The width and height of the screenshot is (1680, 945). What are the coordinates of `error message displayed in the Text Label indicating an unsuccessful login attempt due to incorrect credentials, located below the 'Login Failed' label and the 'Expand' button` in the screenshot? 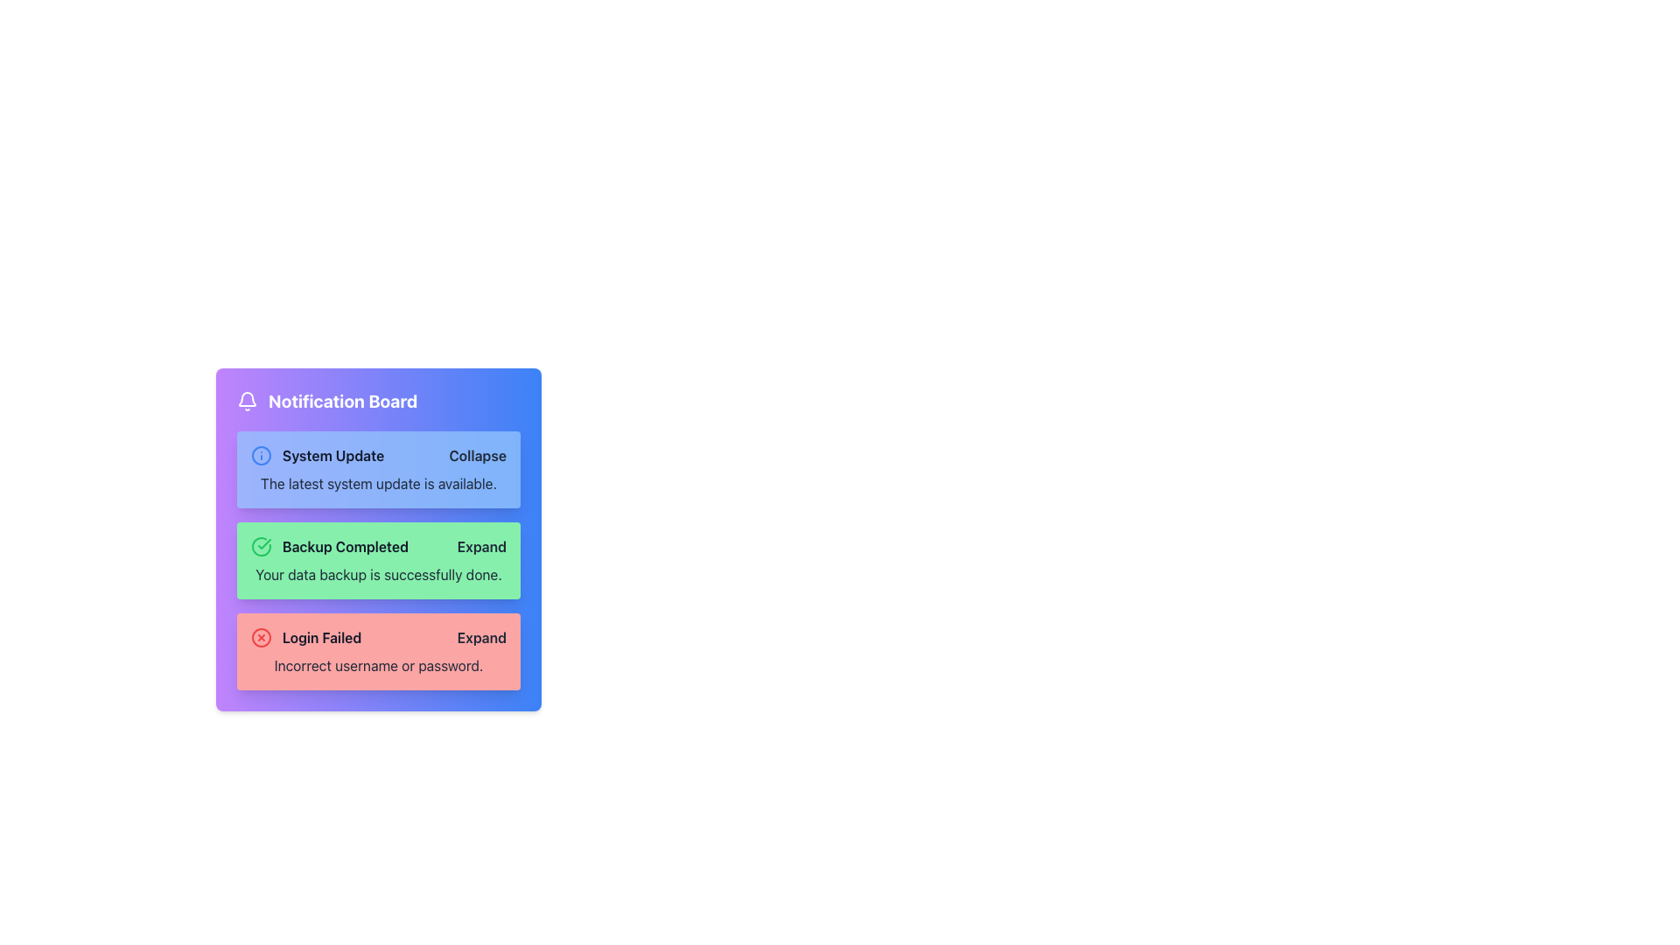 It's located at (377, 665).